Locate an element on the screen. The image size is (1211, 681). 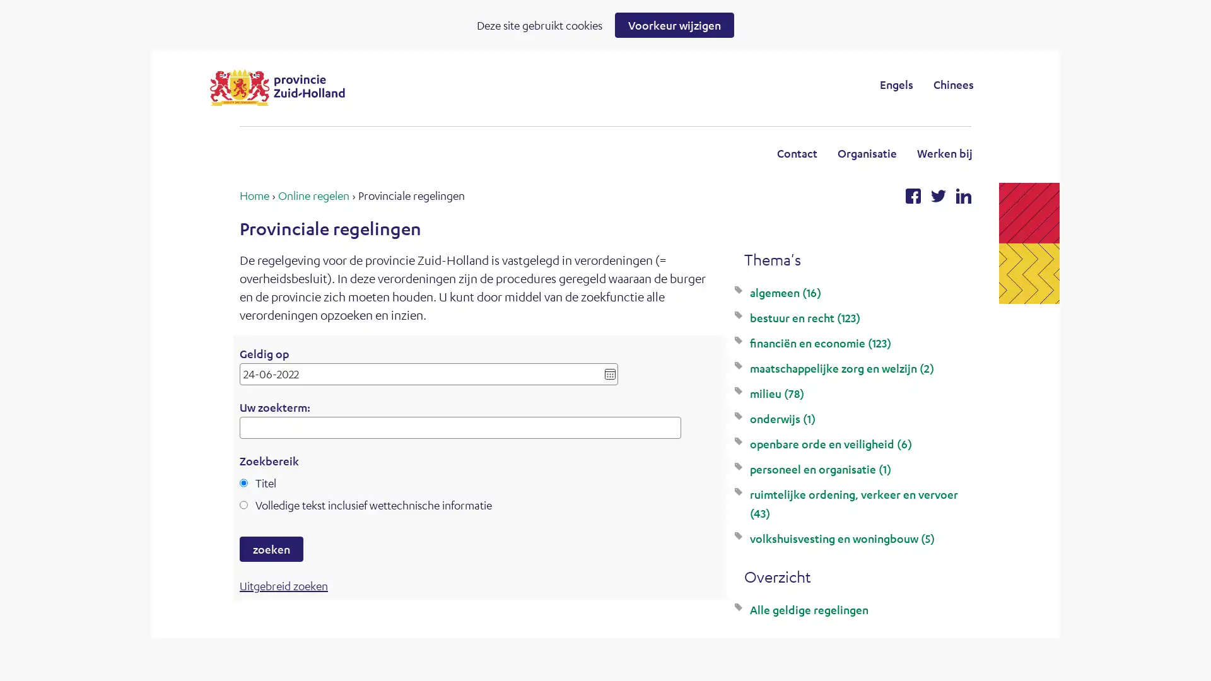
Kies datum, Geselecteerde datum is 24-6-2022 is located at coordinates (610, 373).